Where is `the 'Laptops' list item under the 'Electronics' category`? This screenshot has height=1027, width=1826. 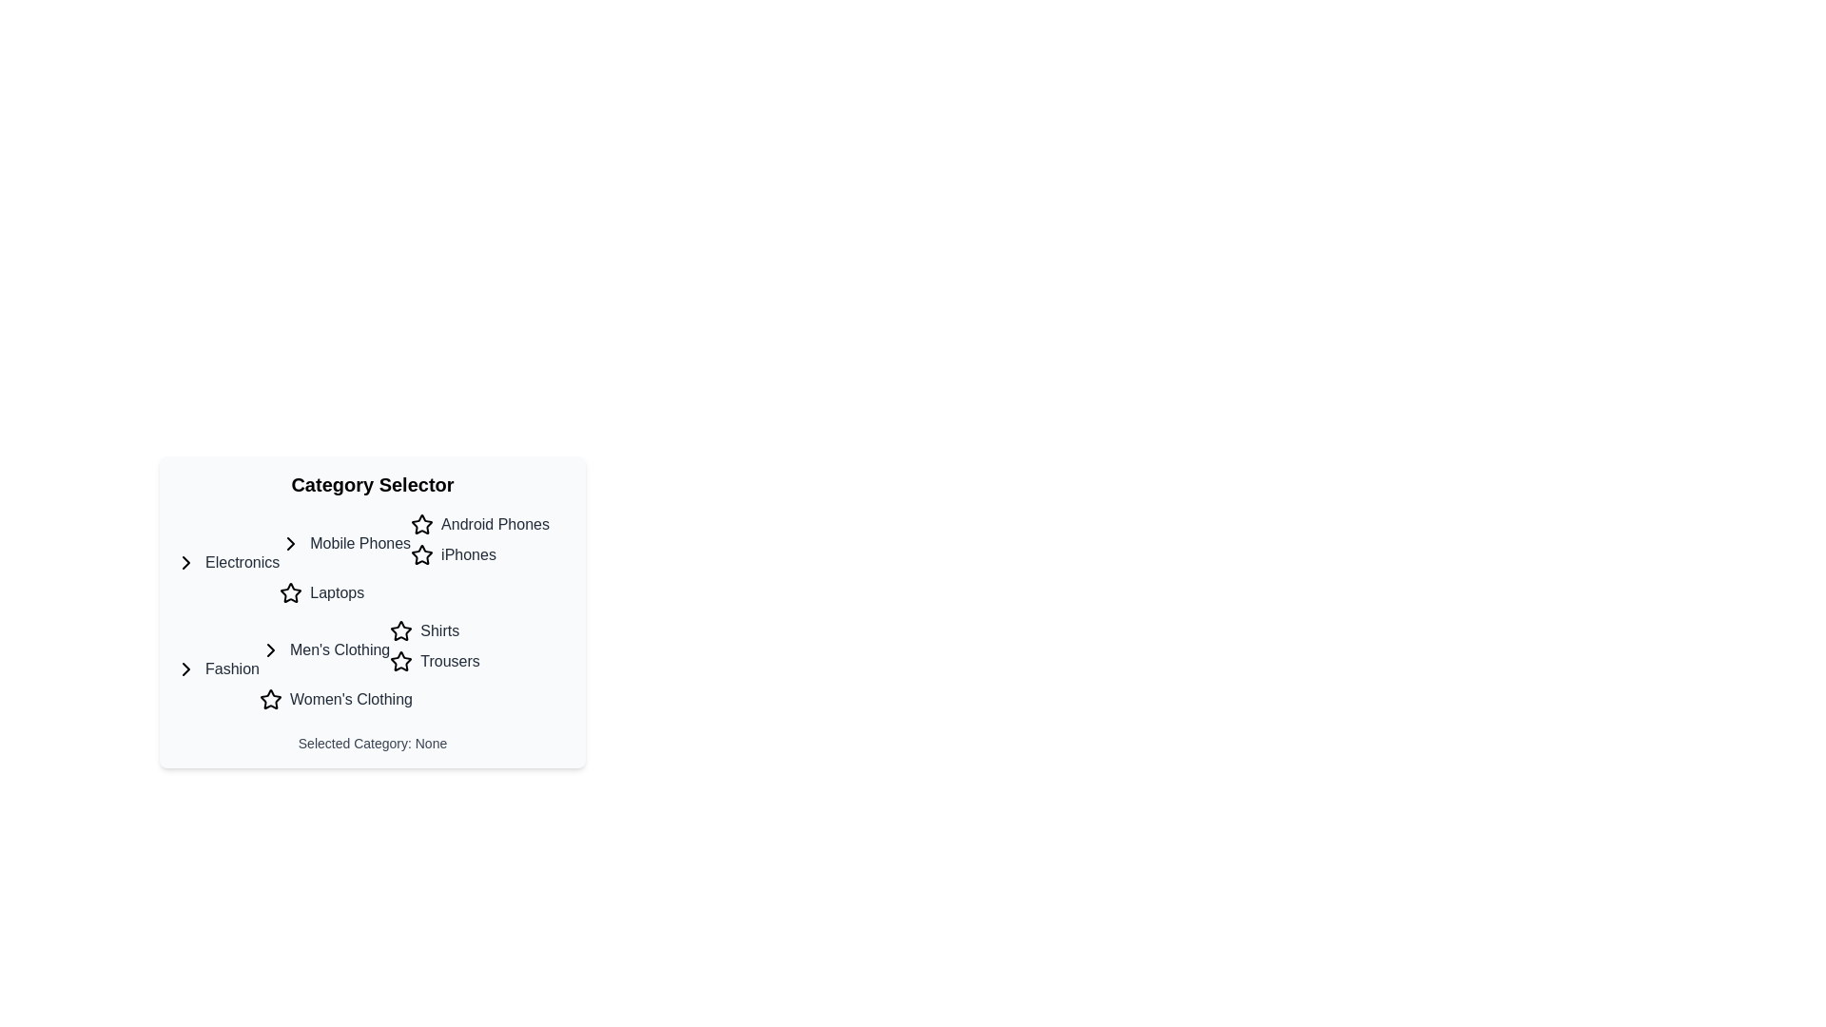 the 'Laptops' list item under the 'Electronics' category is located at coordinates (414, 592).